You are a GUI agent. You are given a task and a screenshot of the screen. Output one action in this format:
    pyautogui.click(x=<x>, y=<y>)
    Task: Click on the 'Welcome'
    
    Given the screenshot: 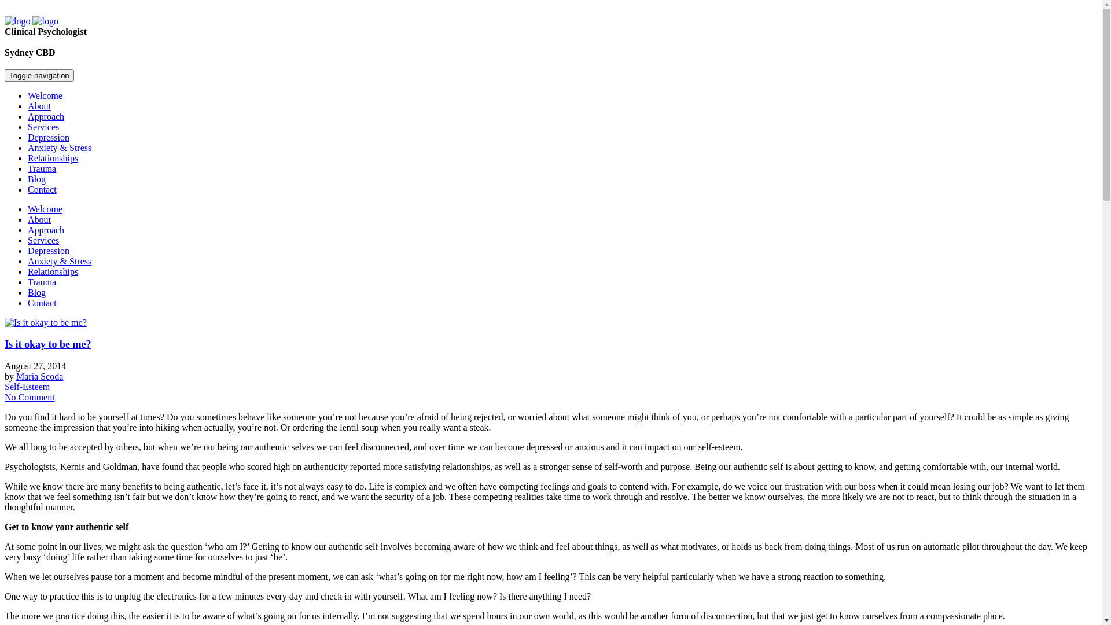 What is the action you would take?
    pyautogui.click(x=28, y=209)
    